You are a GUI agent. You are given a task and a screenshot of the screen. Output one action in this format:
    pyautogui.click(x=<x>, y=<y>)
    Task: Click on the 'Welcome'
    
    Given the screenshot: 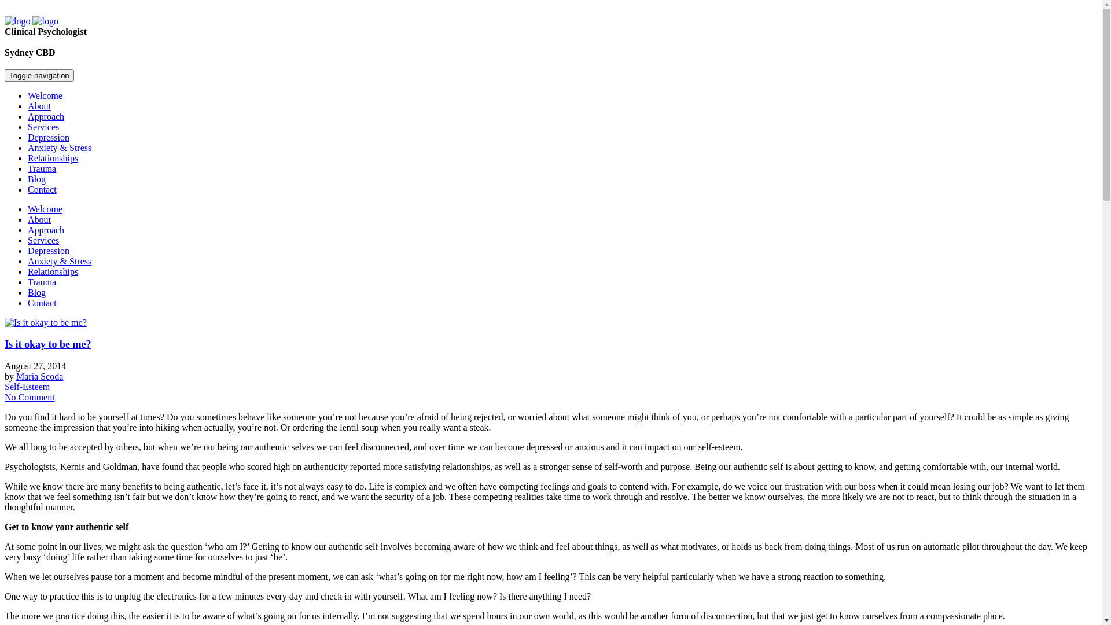 What is the action you would take?
    pyautogui.click(x=28, y=209)
    